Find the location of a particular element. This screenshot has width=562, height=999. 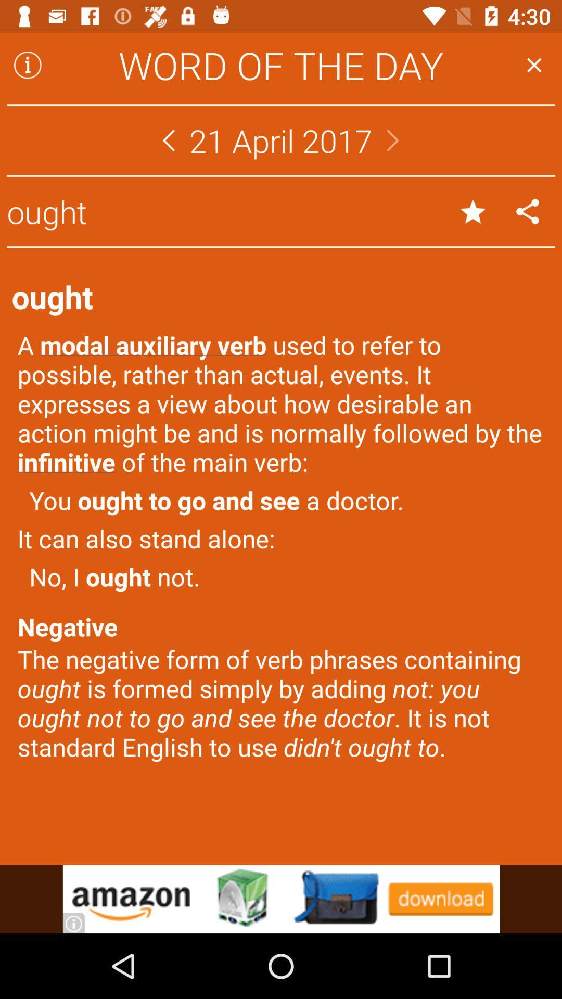

show more information is located at coordinates (27, 65).